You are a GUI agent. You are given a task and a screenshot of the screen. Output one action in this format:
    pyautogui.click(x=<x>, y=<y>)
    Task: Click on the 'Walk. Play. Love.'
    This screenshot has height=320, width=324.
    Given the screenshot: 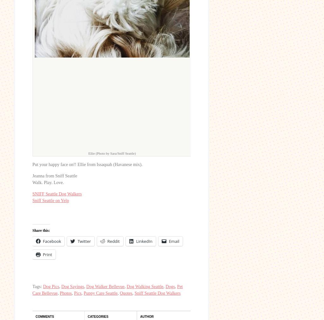 What is the action you would take?
    pyautogui.click(x=47, y=182)
    